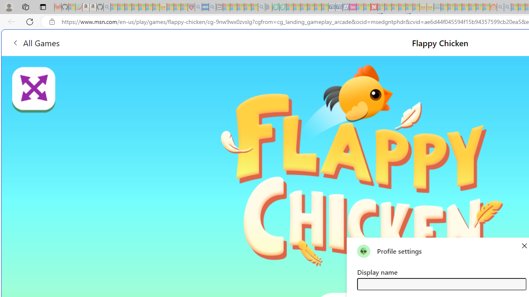 The height and width of the screenshot is (297, 529). I want to click on 'Jobs - lastminute.com Investor Portal - Sleeping', so click(353, 7).